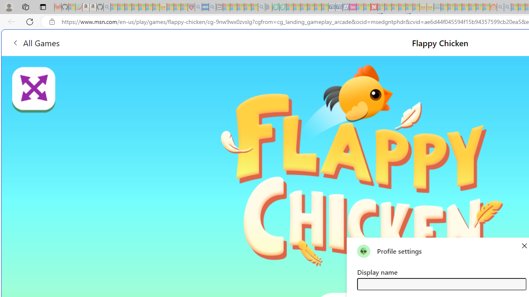 The height and width of the screenshot is (297, 529). I want to click on 'Jobs - lastminute.com Investor Portal - Sleeping', so click(353, 7).